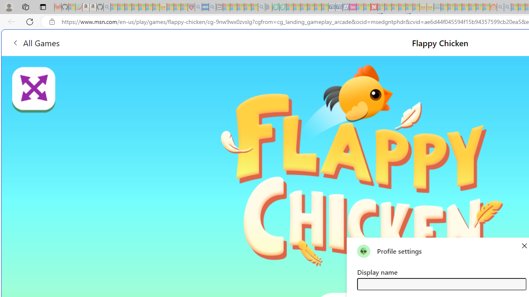 The height and width of the screenshot is (297, 529). I want to click on 'Jobs - lastminute.com Investor Portal - Sleeping', so click(353, 7).